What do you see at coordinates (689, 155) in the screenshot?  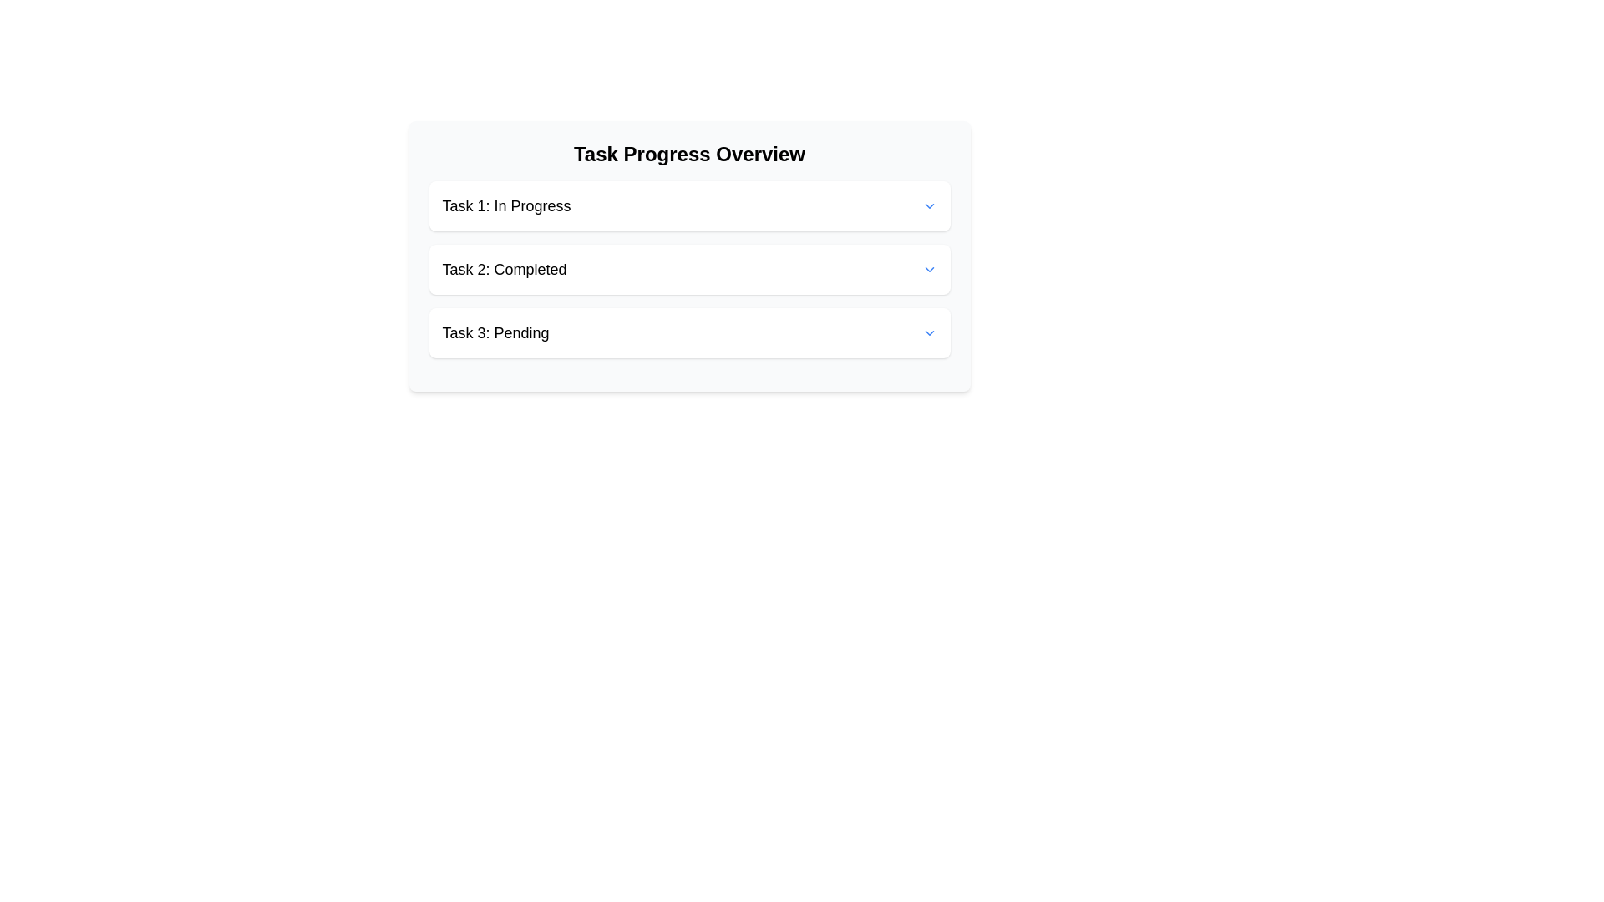 I see `the title header that describes the section above the list of tasks: 'Task 1: In Progress', 'Task 2: Completed', and 'Task 3: Pending'` at bounding box center [689, 155].